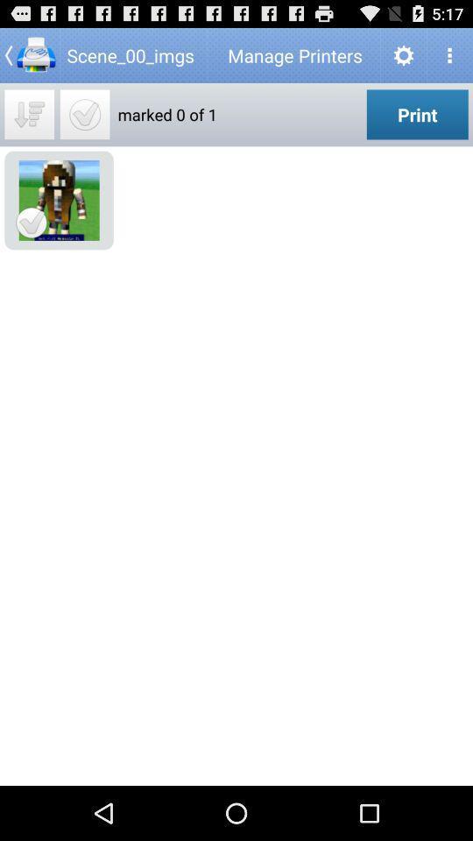 This screenshot has height=841, width=473. I want to click on the app to the left of the marked 0 of app, so click(84, 113).